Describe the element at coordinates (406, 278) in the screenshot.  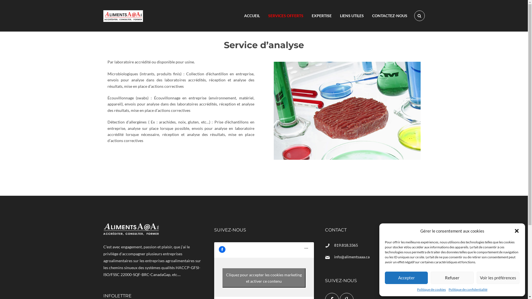
I see `'Accepter'` at that location.